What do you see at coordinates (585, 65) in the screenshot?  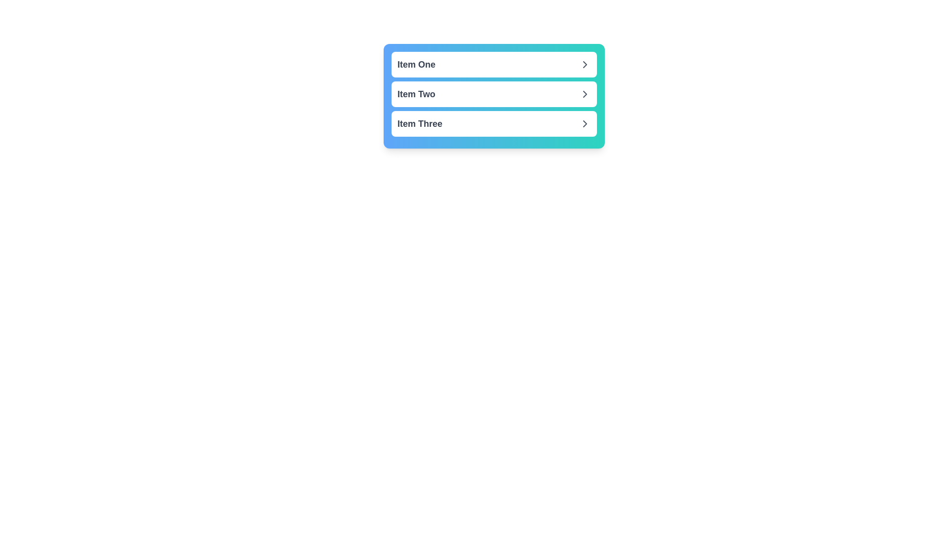 I see `the chevron-arrow icon pointing to the right, located to the right of the text label 'Item One'` at bounding box center [585, 65].